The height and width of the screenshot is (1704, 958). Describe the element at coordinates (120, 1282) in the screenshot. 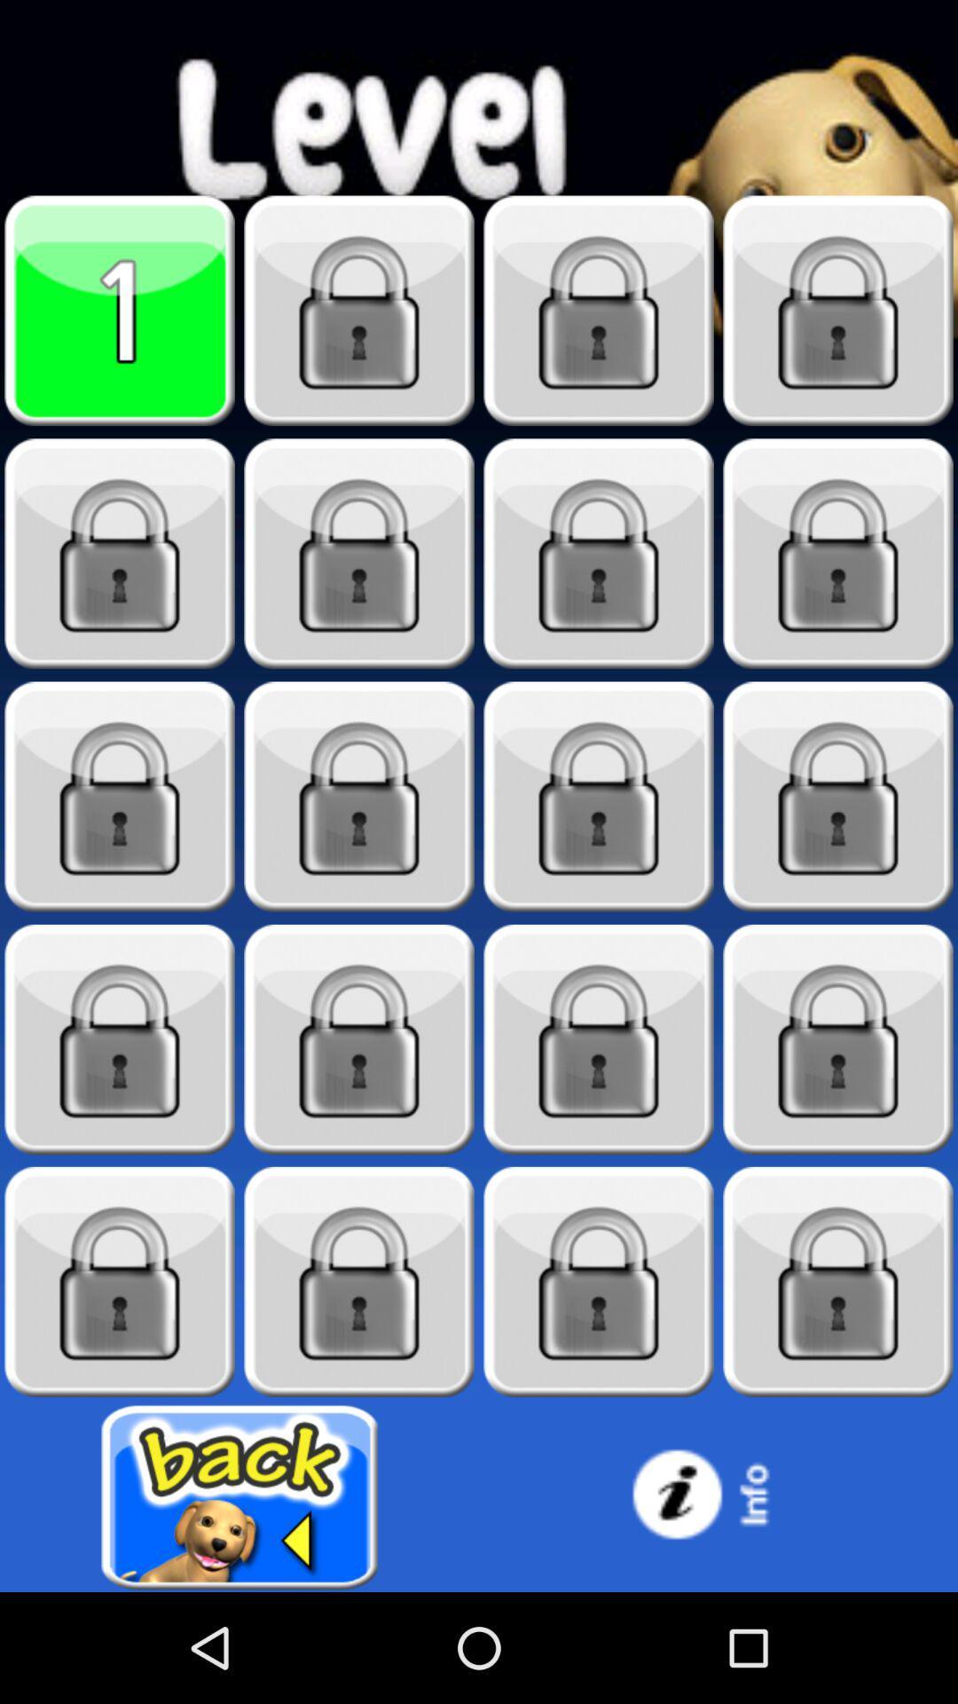

I see `lock number 16` at that location.